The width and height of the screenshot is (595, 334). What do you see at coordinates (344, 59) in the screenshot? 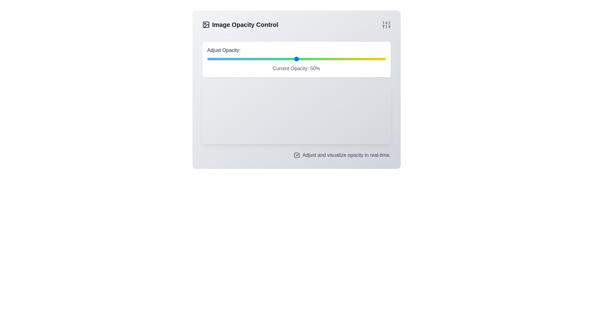
I see `the opacity` at bounding box center [344, 59].